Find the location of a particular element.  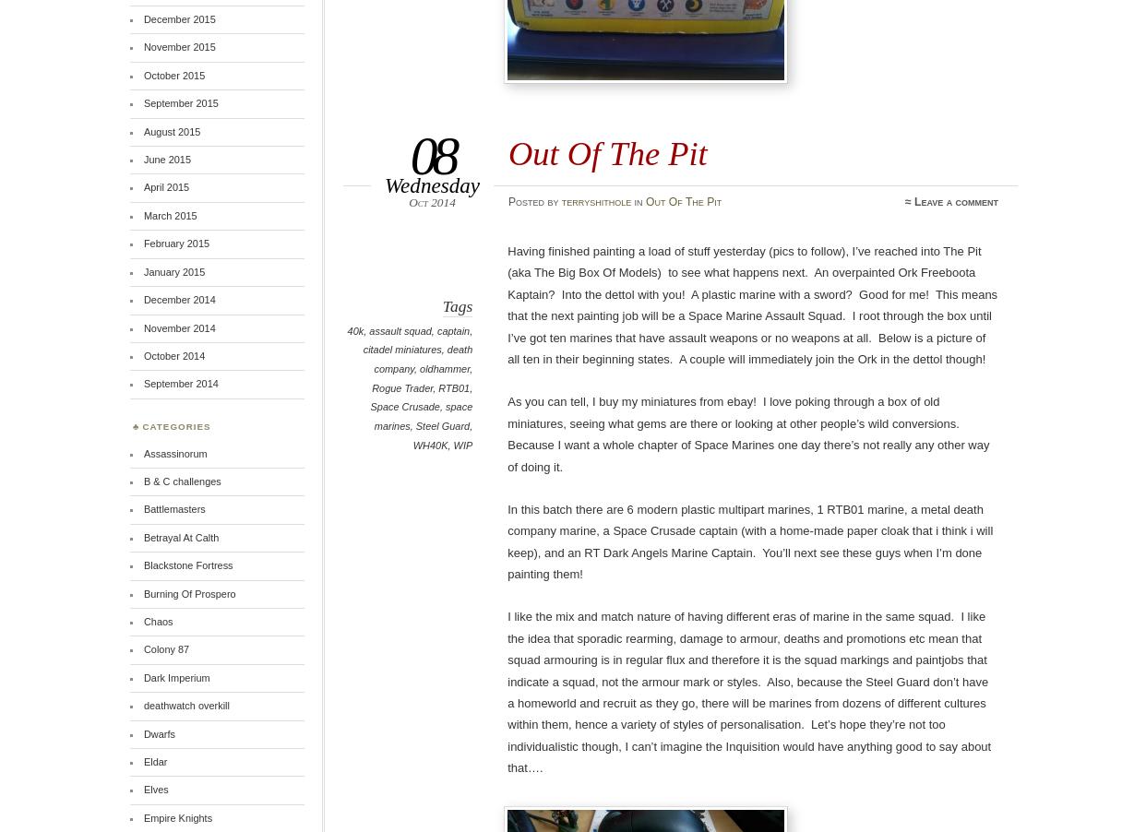

'I like the mix and match nature of having different eras of marine in the same squad.  I like the idea that sporadic rearming, damage to armour, deaths and promotions etc mean that squad armouring is in regular flux and therefore it is the squad markings and paintjobs that indicate a squad, not the armour mark or styles.  Also, because the Steel Guard don’t have a homeworld and recruit as they go, there will be marines from dozens of different cultures within them, hence a variety of styles of personalisation.  Let’s hope they’re not too individualistic though, I can’t imagine the Inquisition would have anything good to say about that….' is located at coordinates (749, 692).